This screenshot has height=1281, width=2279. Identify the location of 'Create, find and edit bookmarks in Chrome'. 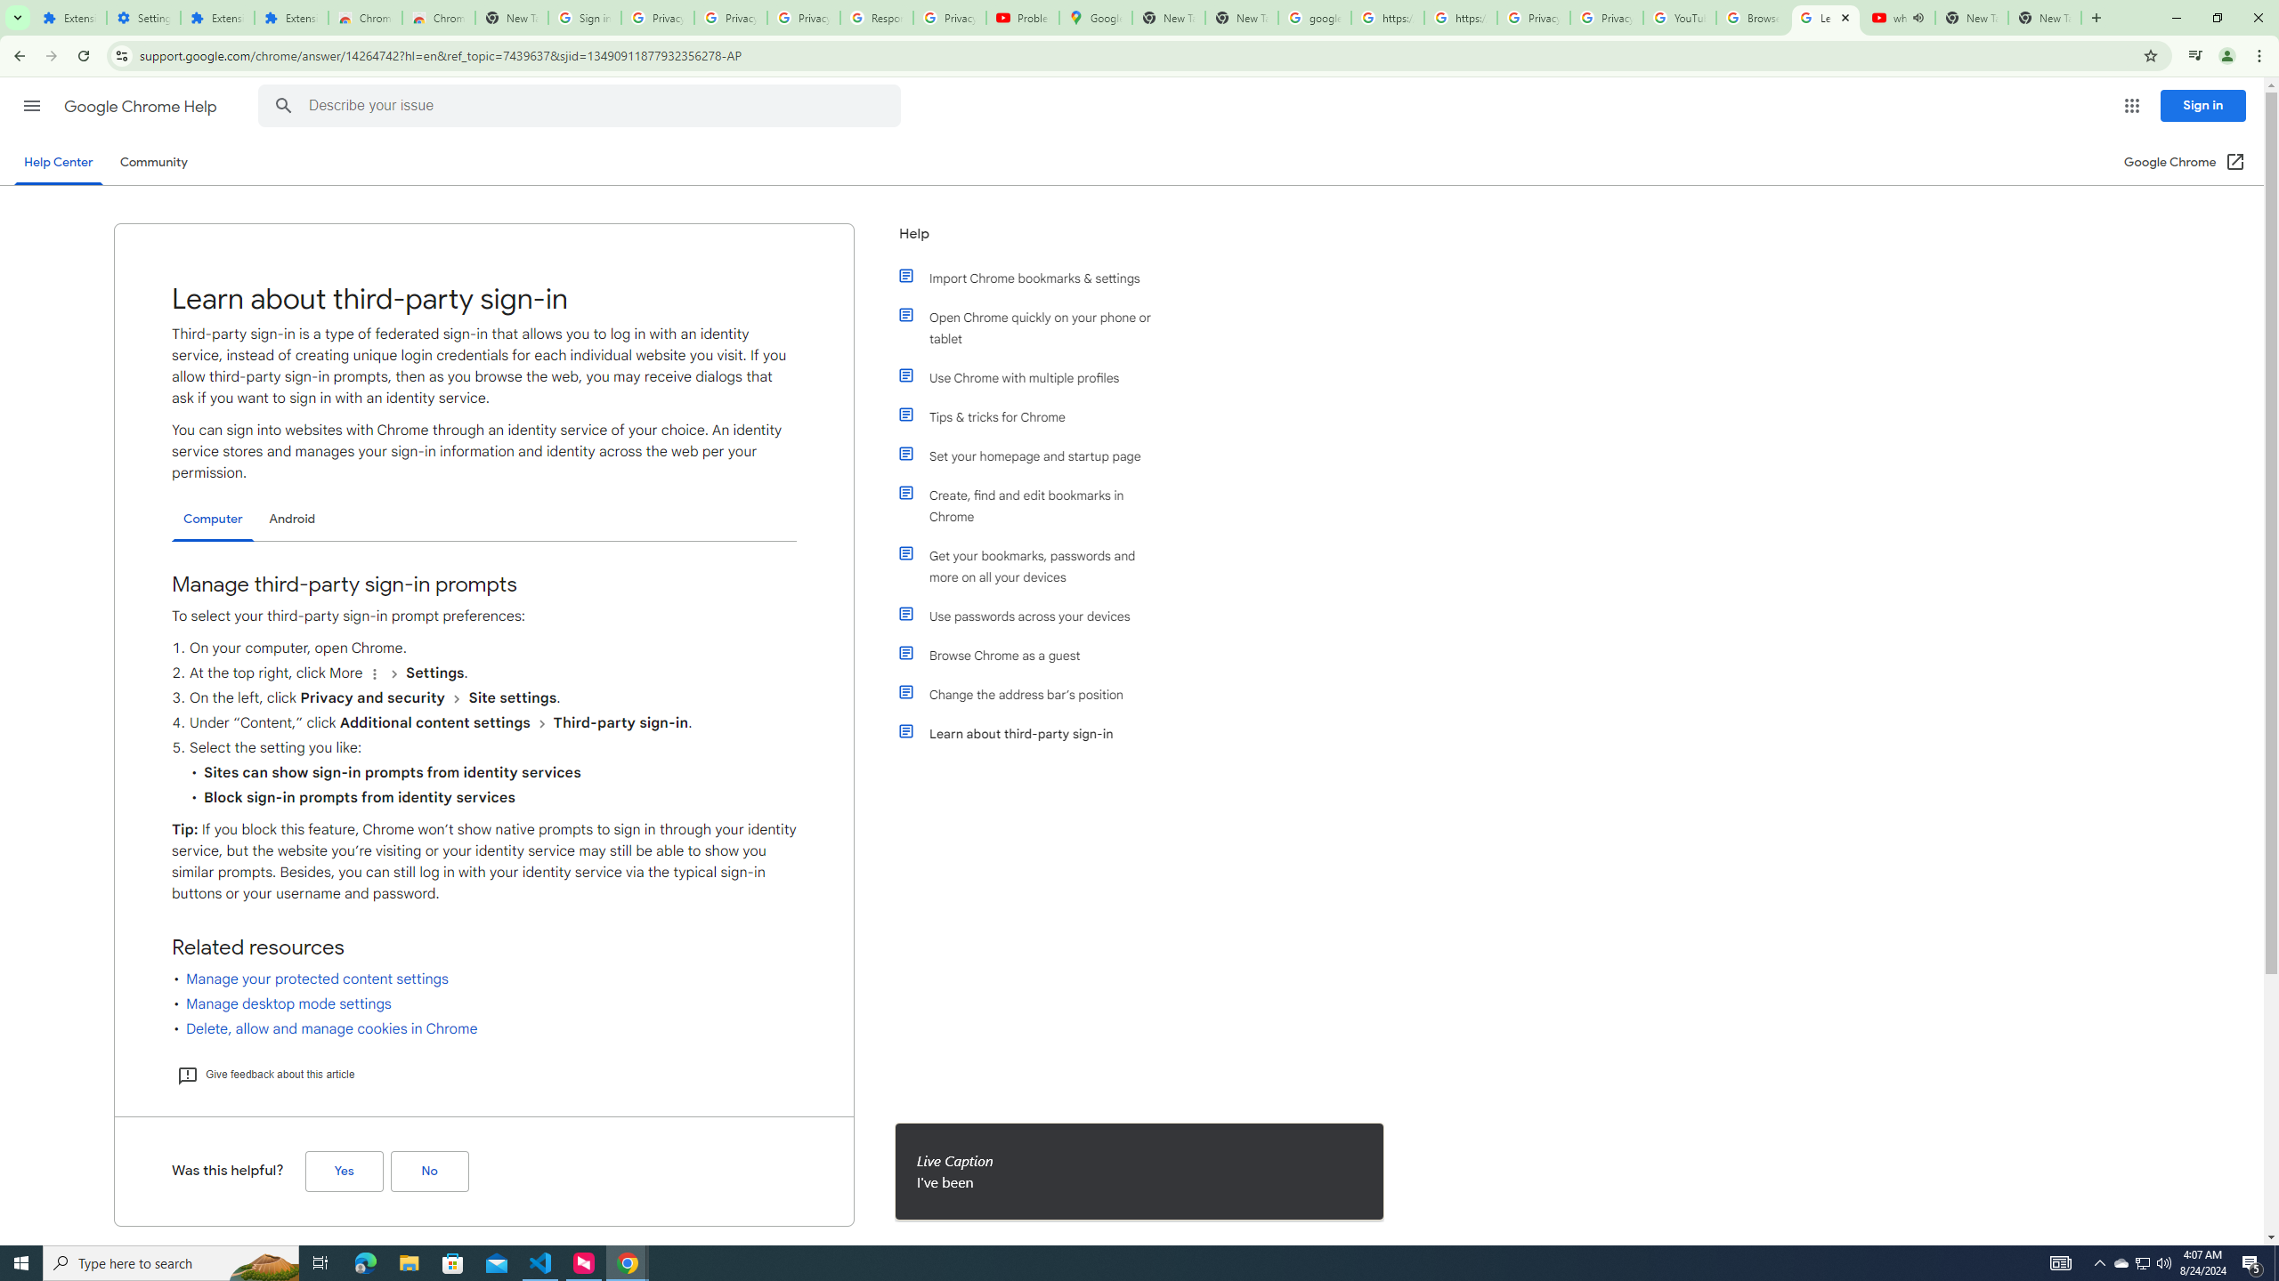
(1034, 505).